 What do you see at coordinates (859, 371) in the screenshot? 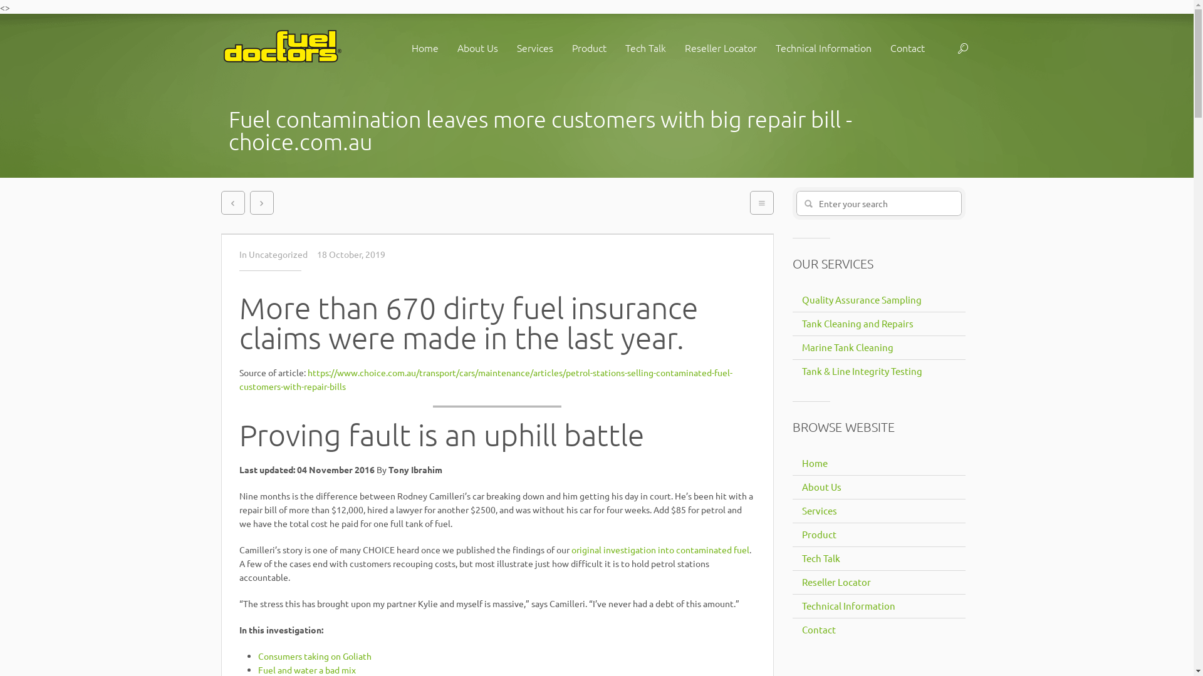
I see `'Tank & Line Integrity Testing'` at bounding box center [859, 371].